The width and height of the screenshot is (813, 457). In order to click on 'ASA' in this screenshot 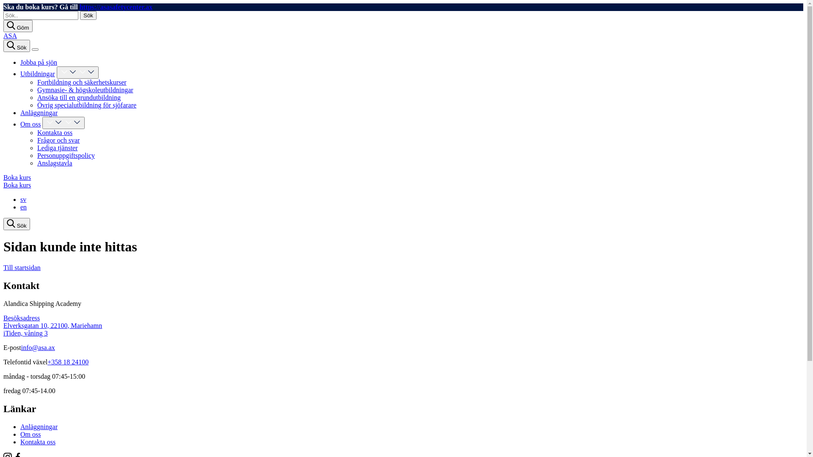, I will do `click(10, 35)`.